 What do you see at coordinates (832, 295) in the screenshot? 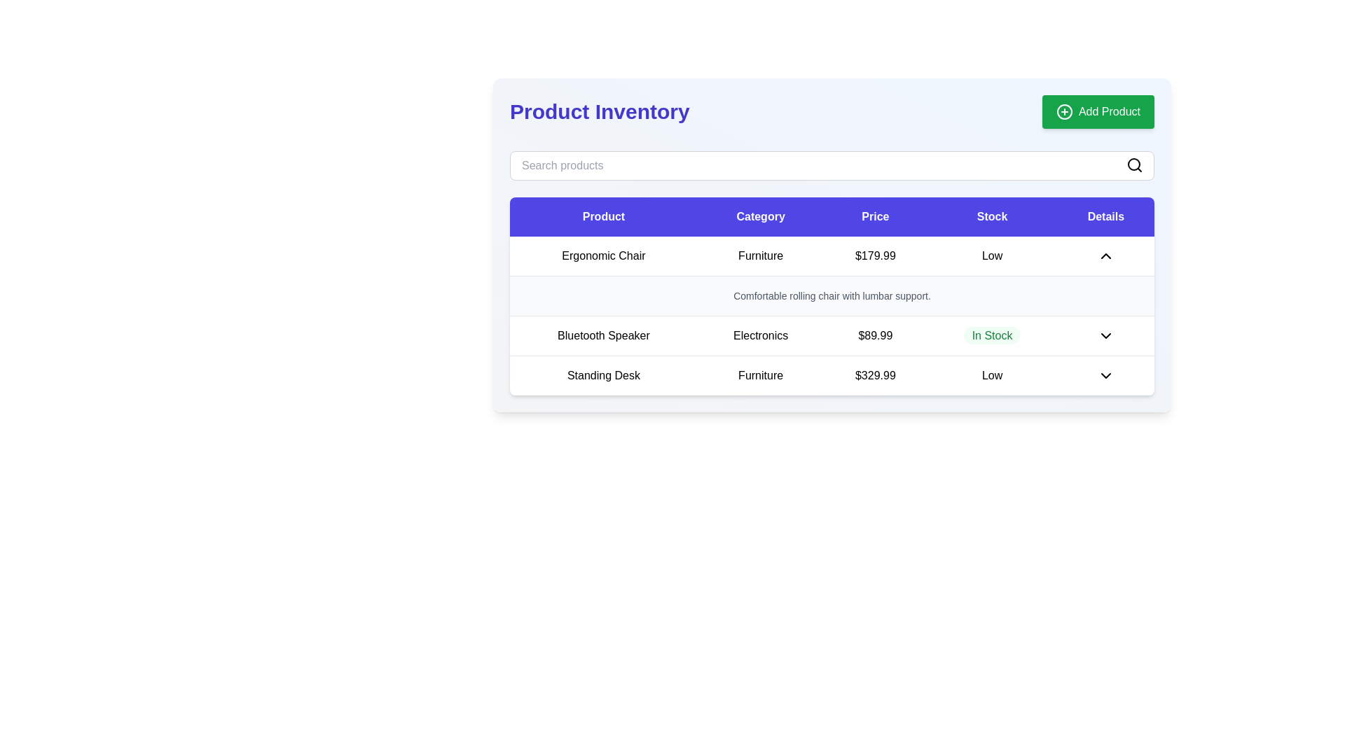
I see `the text label that provides supplementary information about the product 'Ergonomic Chair', located in the second row of the table` at bounding box center [832, 295].